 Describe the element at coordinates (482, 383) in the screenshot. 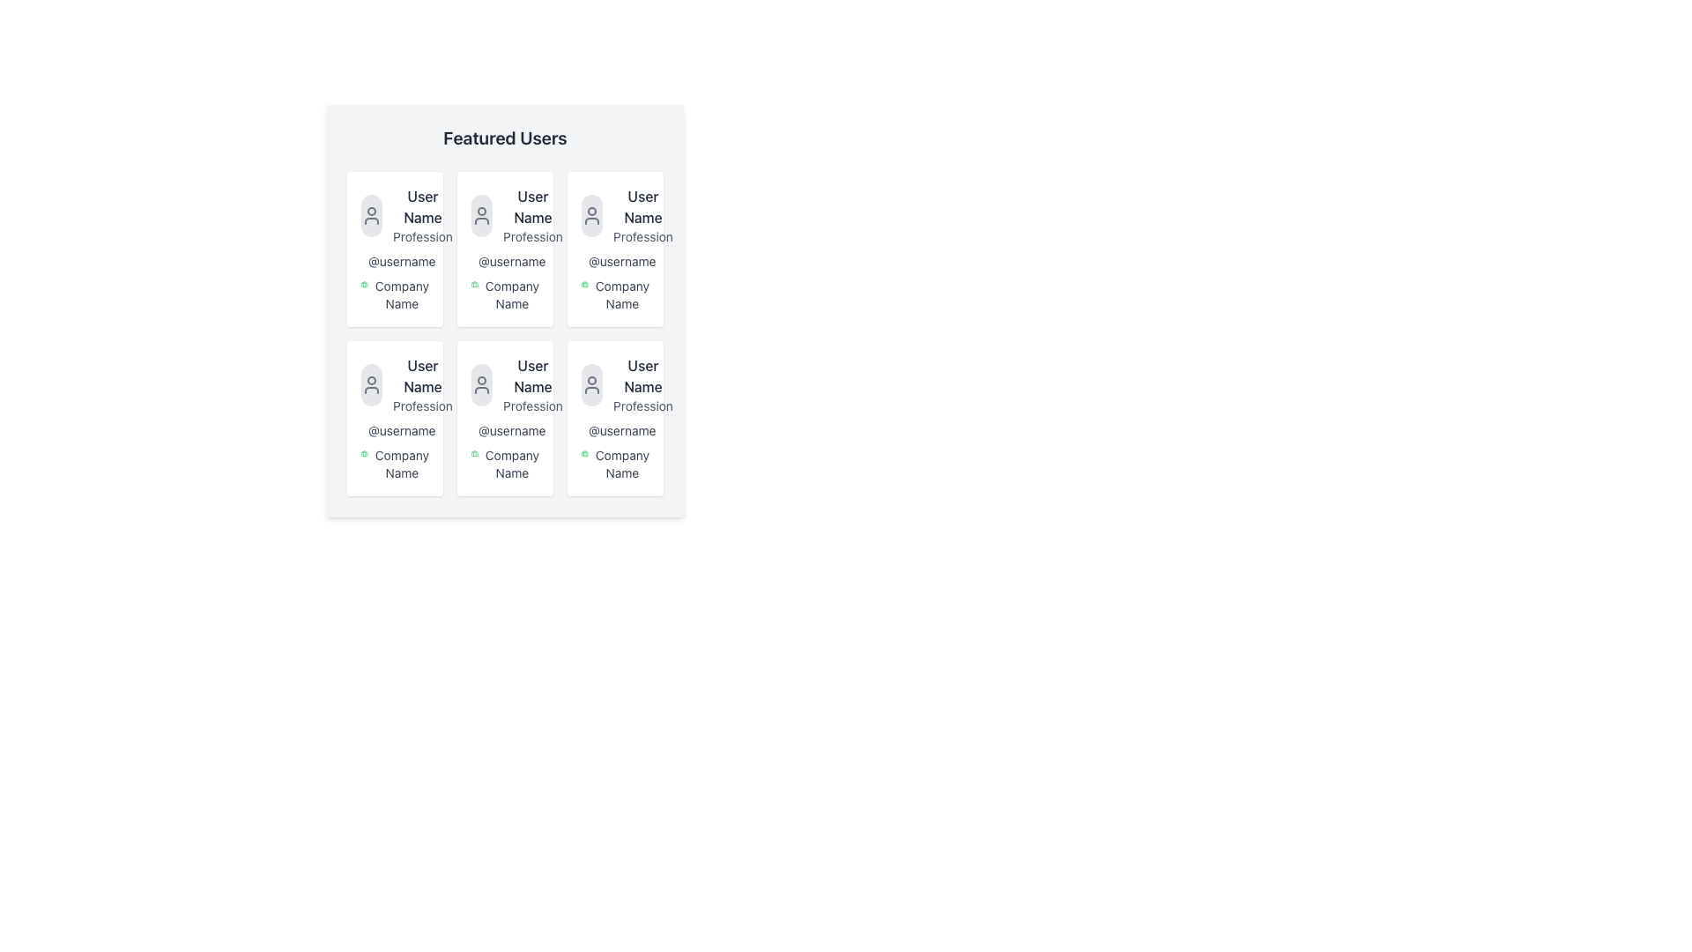

I see `the user profile picture placeholder icon located in the center of the interface, specifically in the second row and second column of a 3x3 grid of user cards` at that location.